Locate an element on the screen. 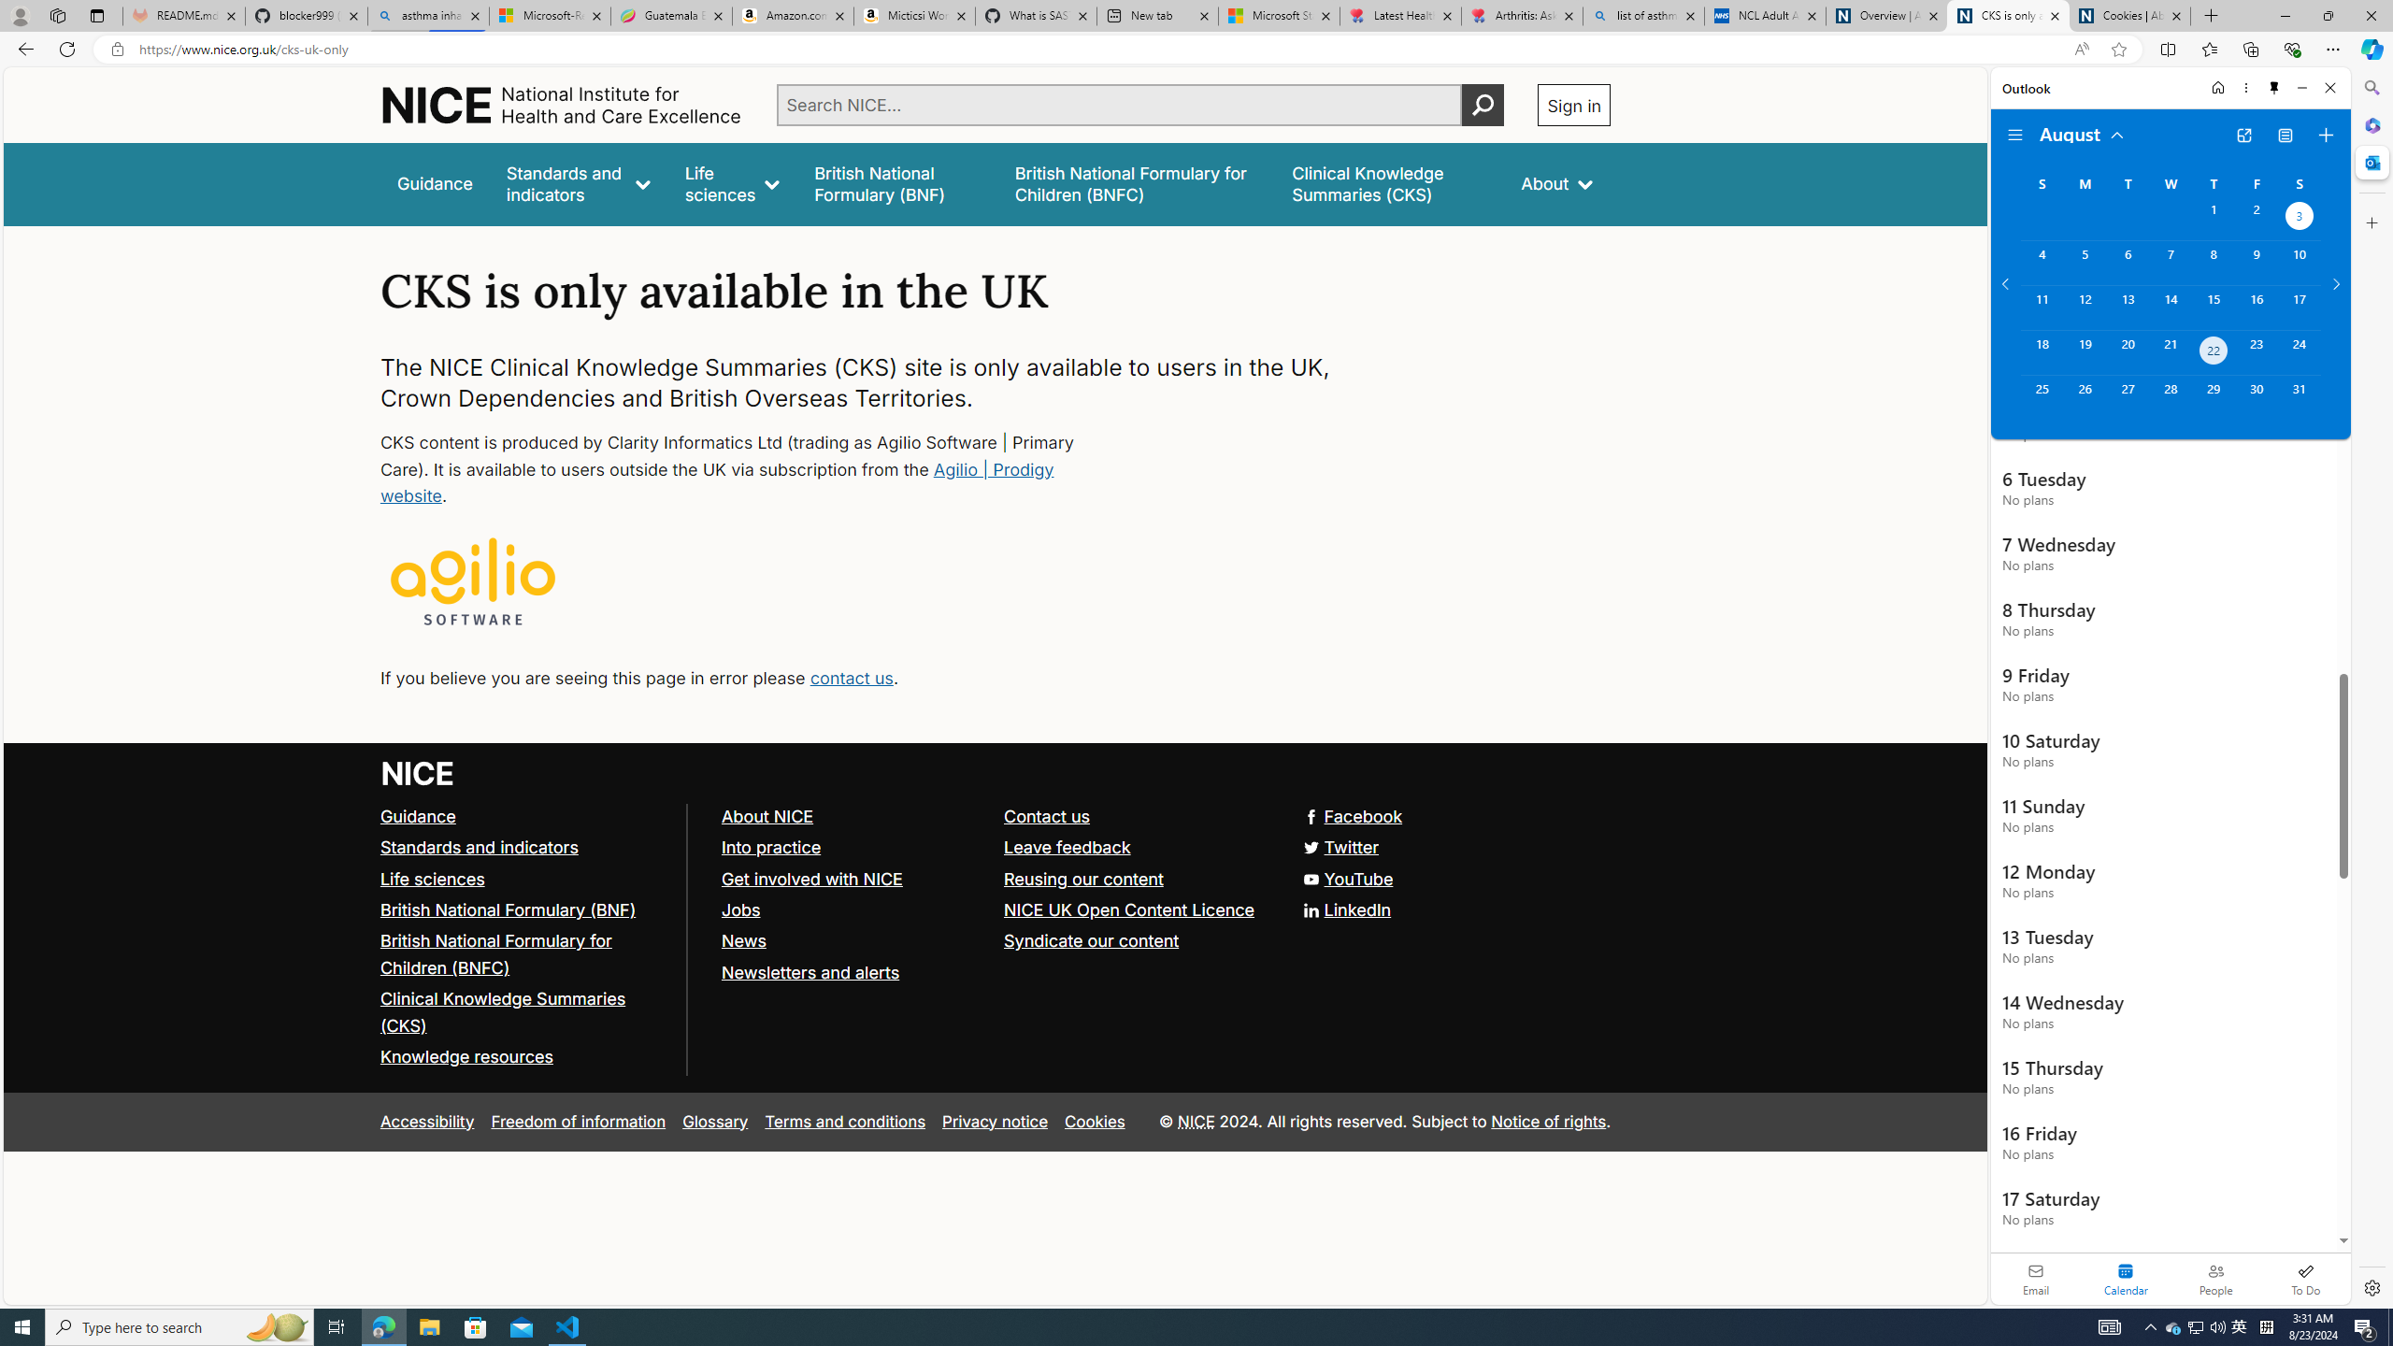 The width and height of the screenshot is (2393, 1346). 'Wednesday, August 7, 2024. ' is located at coordinates (2169, 262).